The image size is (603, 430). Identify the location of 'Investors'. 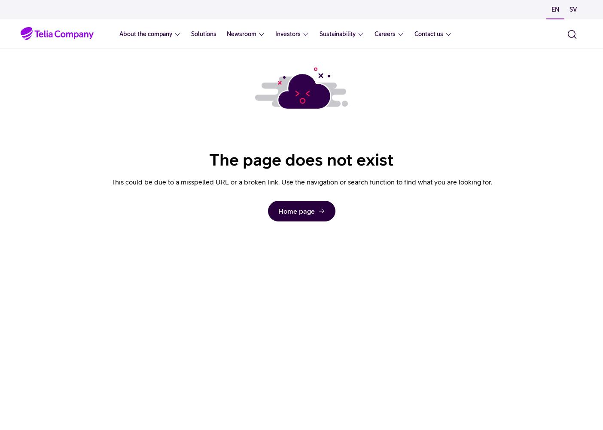
(288, 34).